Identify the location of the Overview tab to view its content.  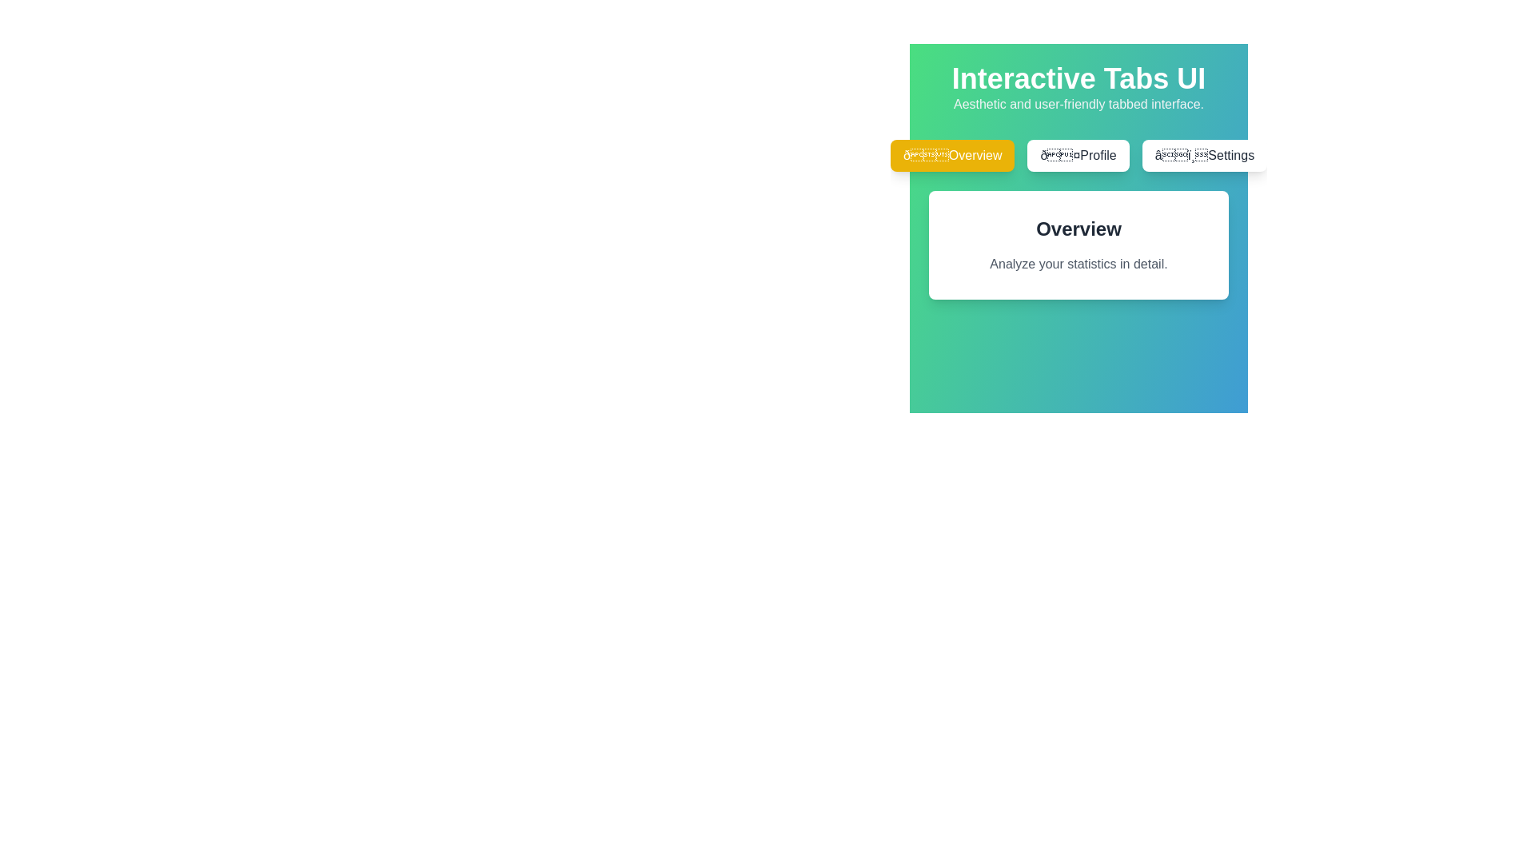
(952, 156).